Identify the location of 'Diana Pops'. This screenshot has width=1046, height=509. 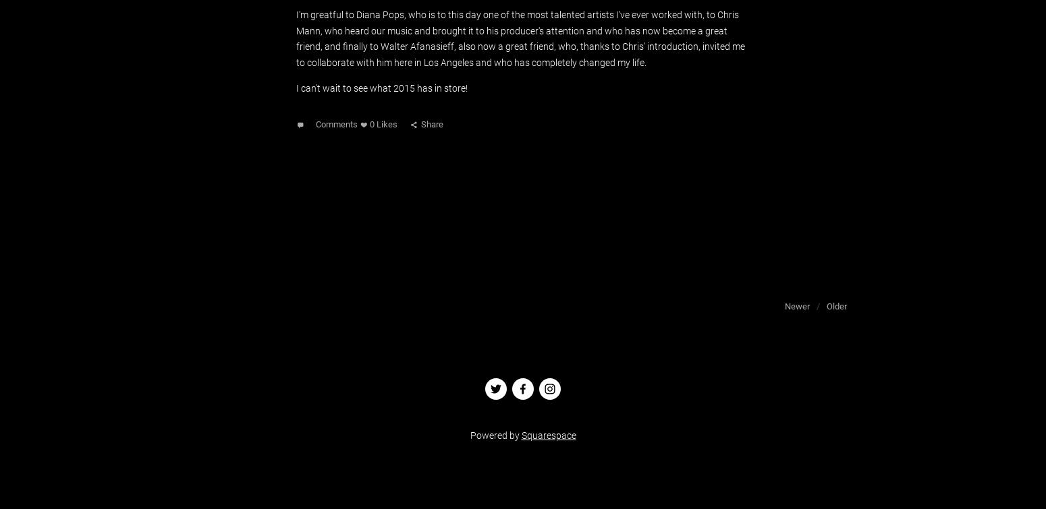
(380, 13).